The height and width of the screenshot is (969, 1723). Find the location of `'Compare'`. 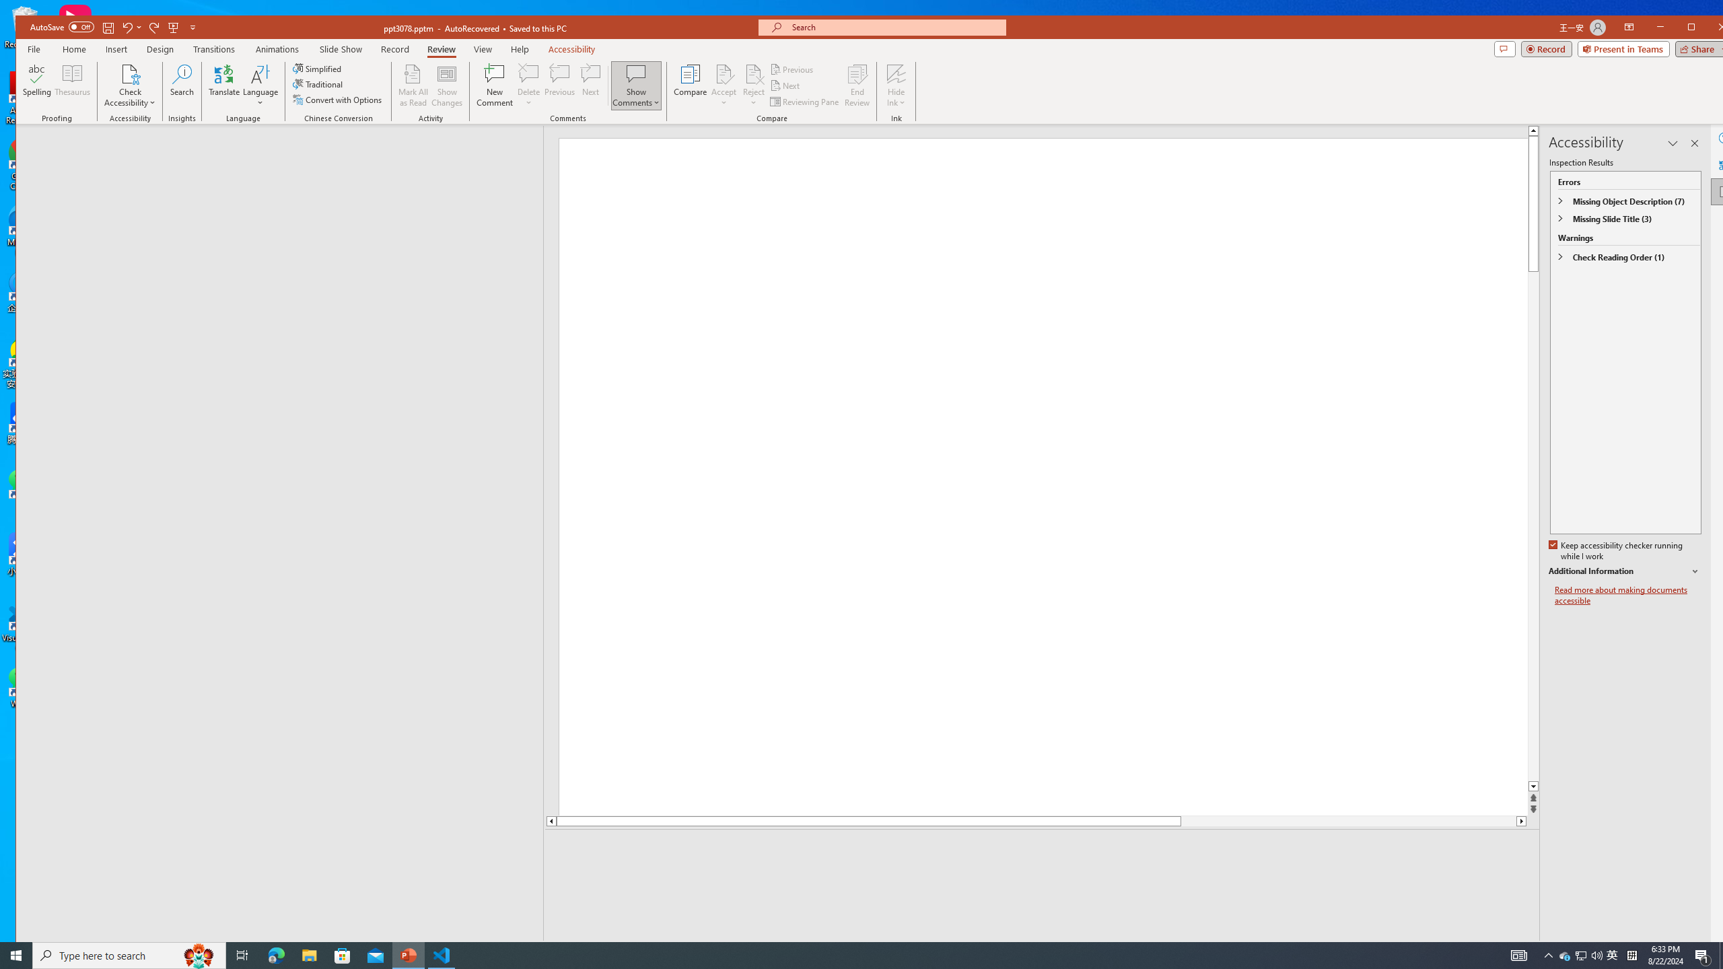

'Compare' is located at coordinates (689, 85).